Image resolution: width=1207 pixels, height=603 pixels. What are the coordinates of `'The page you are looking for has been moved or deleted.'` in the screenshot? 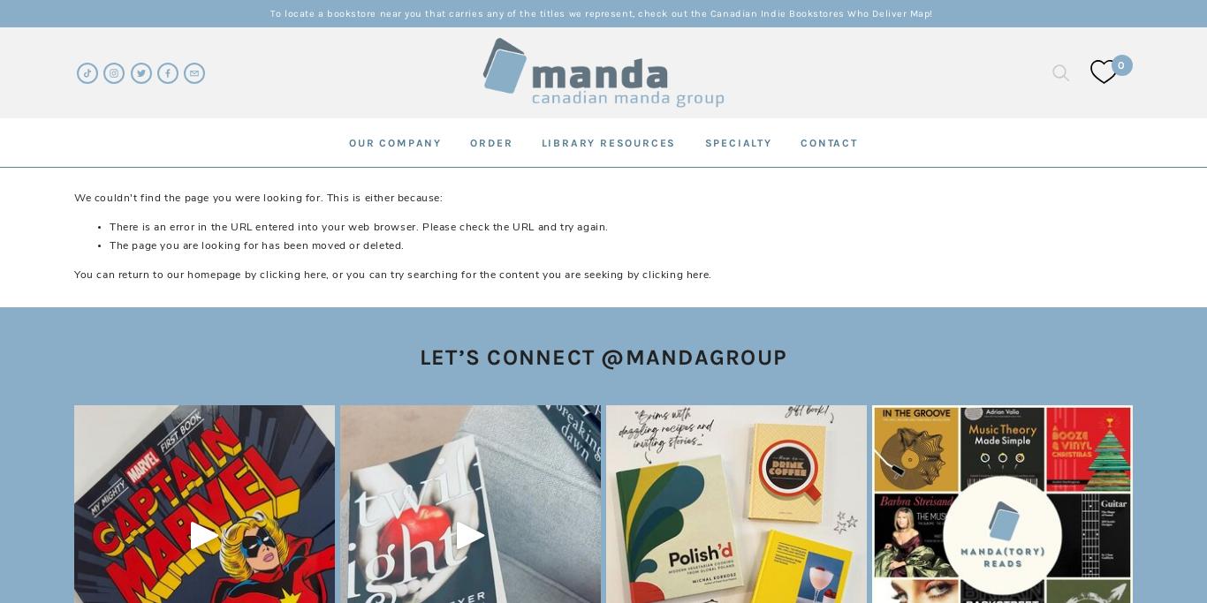 It's located at (256, 244).